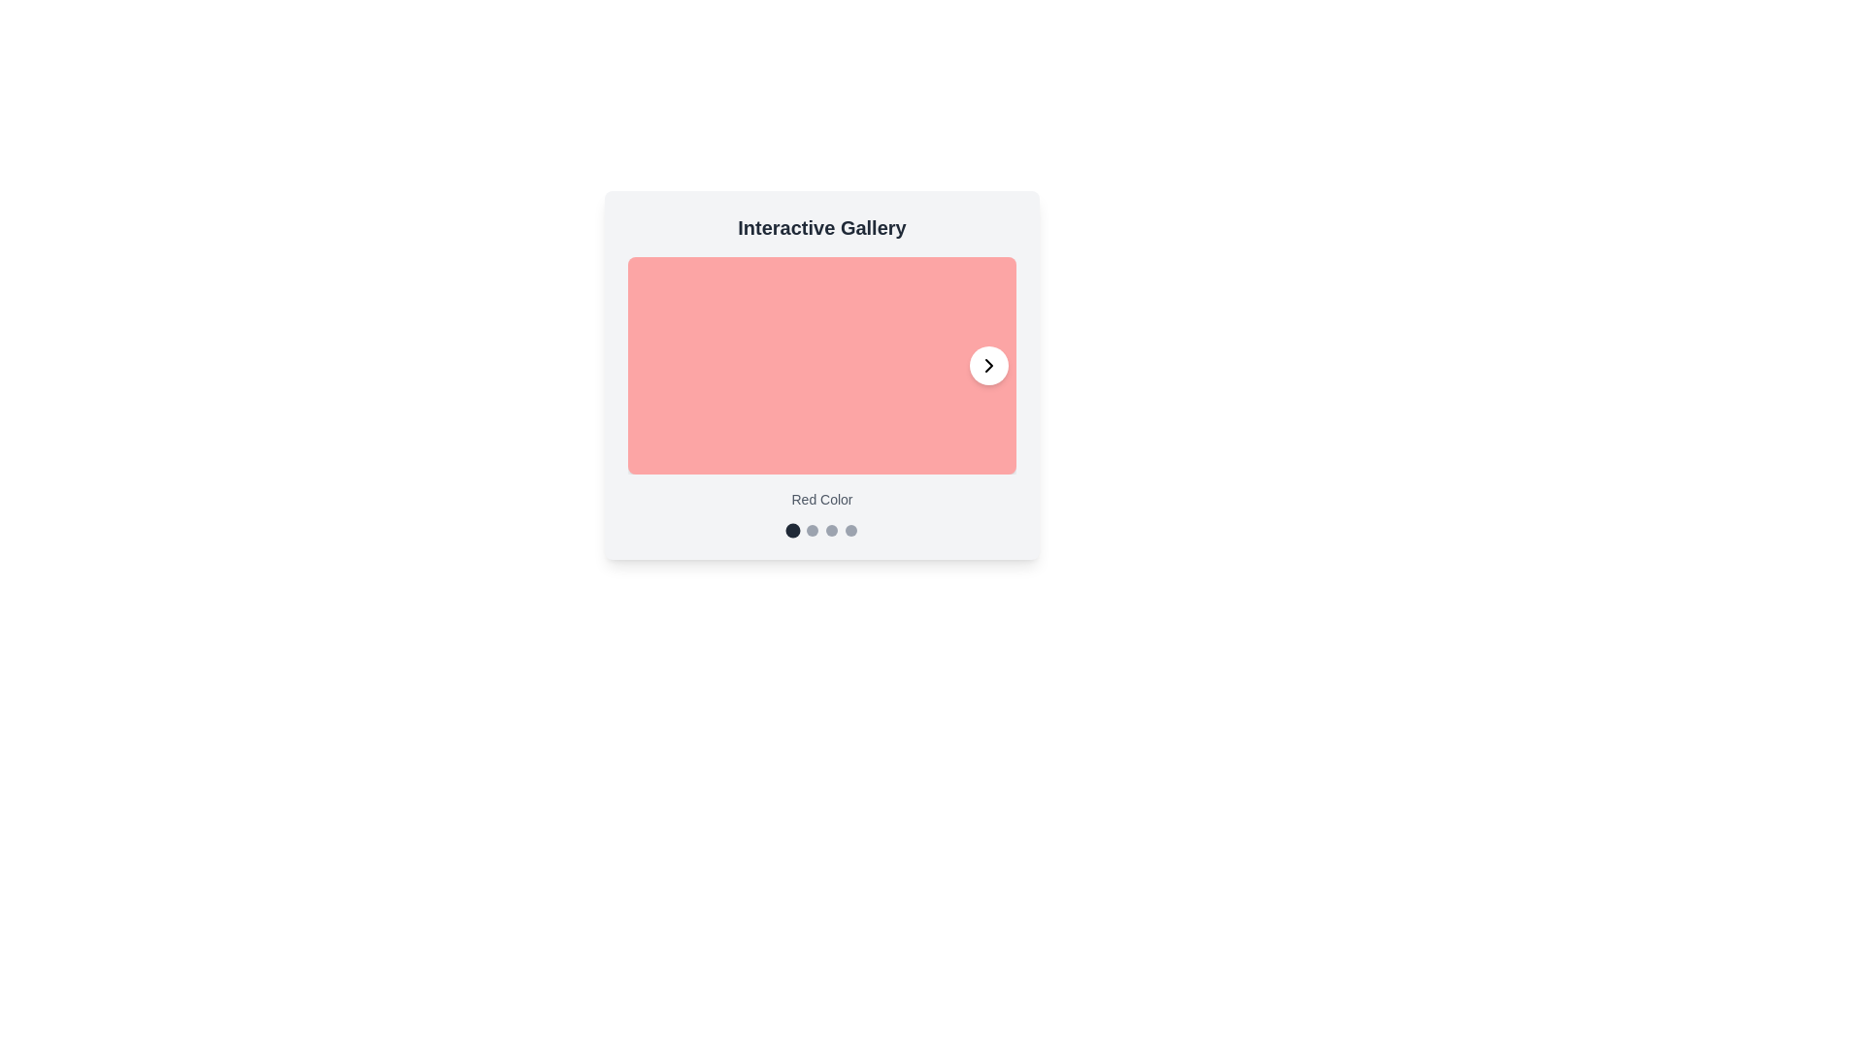  Describe the element at coordinates (851, 531) in the screenshot. I see `the fourth interactive indicator or navigation dot located under the rectangular image in the gallery` at that location.